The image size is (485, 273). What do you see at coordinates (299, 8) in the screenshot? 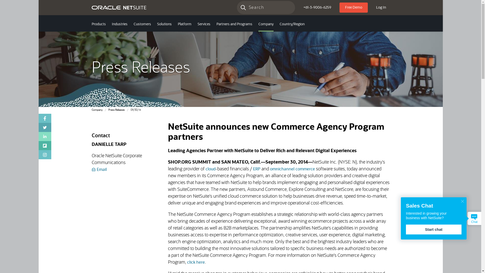
I see `'+61-3-9006-6259'` at bounding box center [299, 8].